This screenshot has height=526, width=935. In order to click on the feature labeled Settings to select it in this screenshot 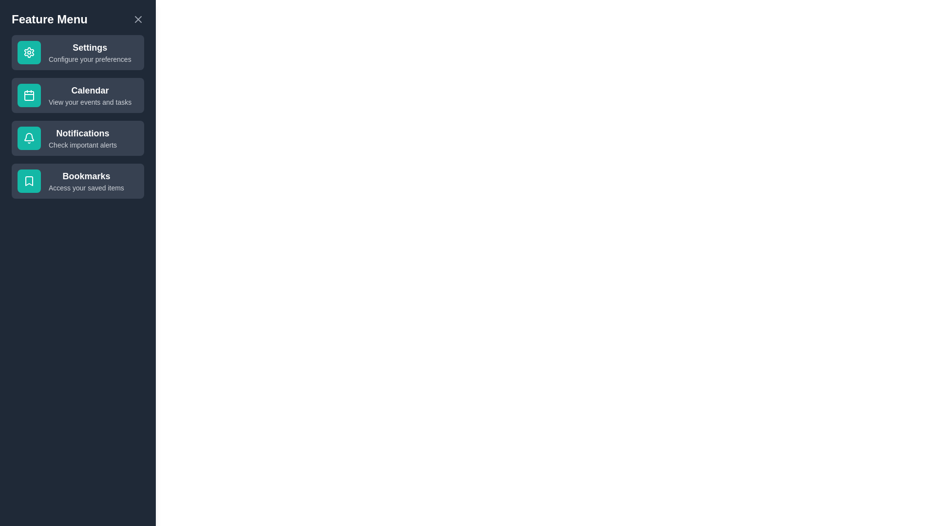, I will do `click(77, 53)`.